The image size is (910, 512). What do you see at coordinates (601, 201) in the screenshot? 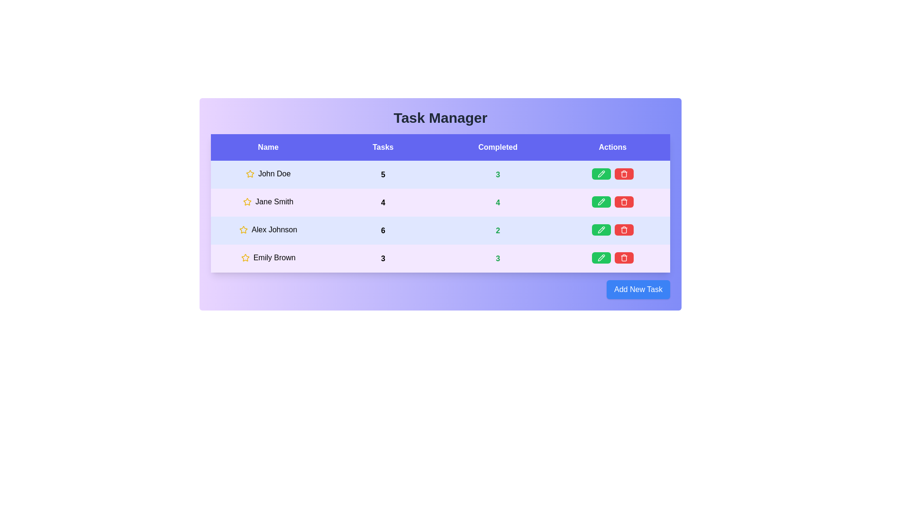
I see `green pencil icon to edit the task for Jane Smith` at bounding box center [601, 201].